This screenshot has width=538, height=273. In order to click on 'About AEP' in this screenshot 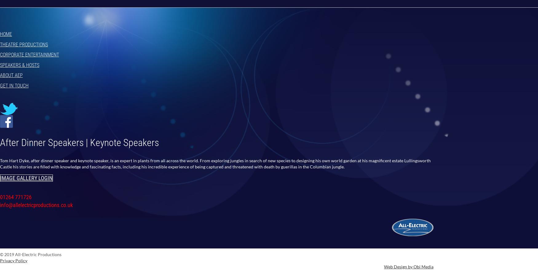, I will do `click(11, 75)`.